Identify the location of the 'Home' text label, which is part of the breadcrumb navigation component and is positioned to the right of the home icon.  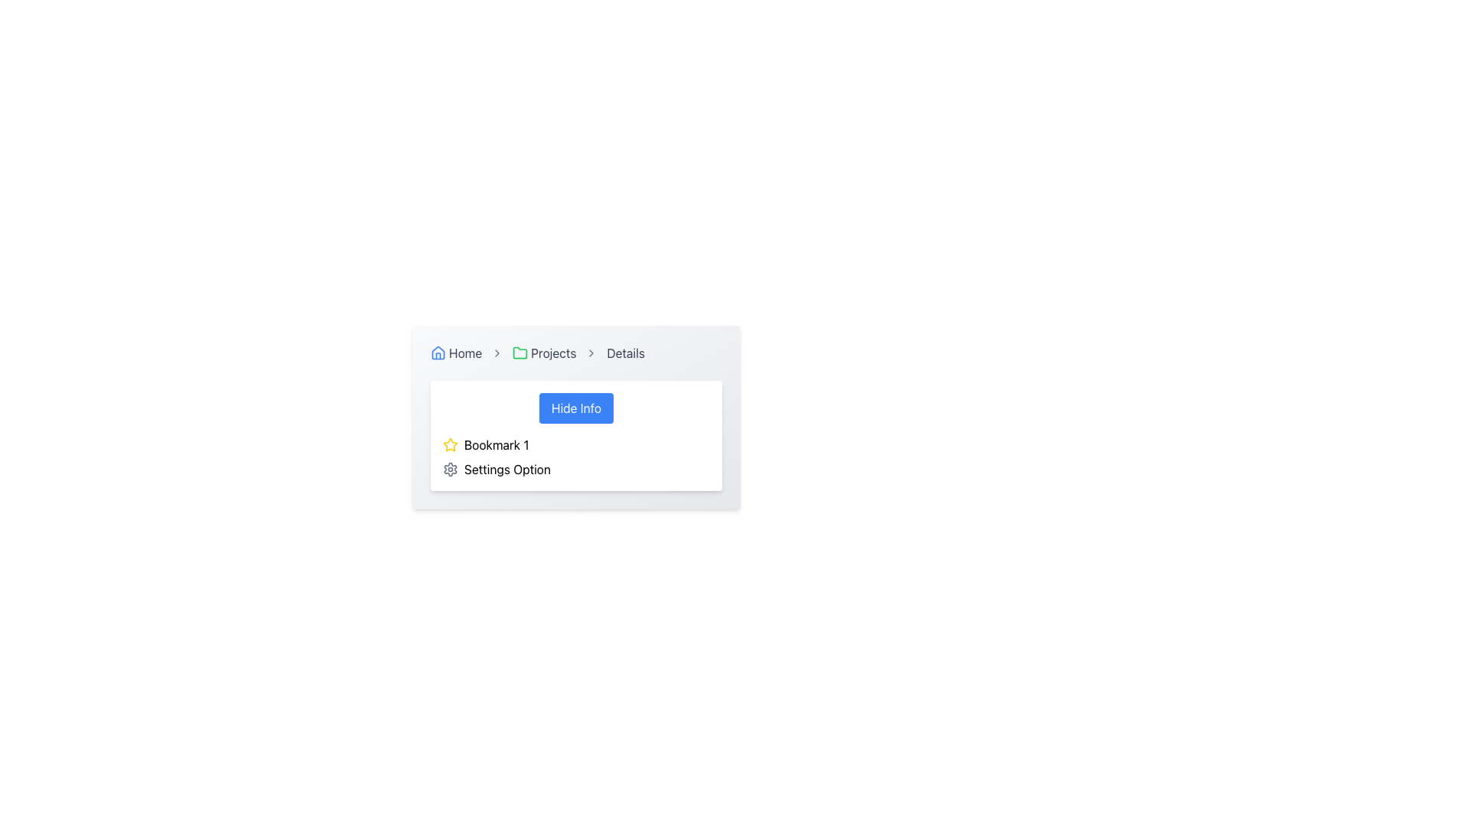
(464, 353).